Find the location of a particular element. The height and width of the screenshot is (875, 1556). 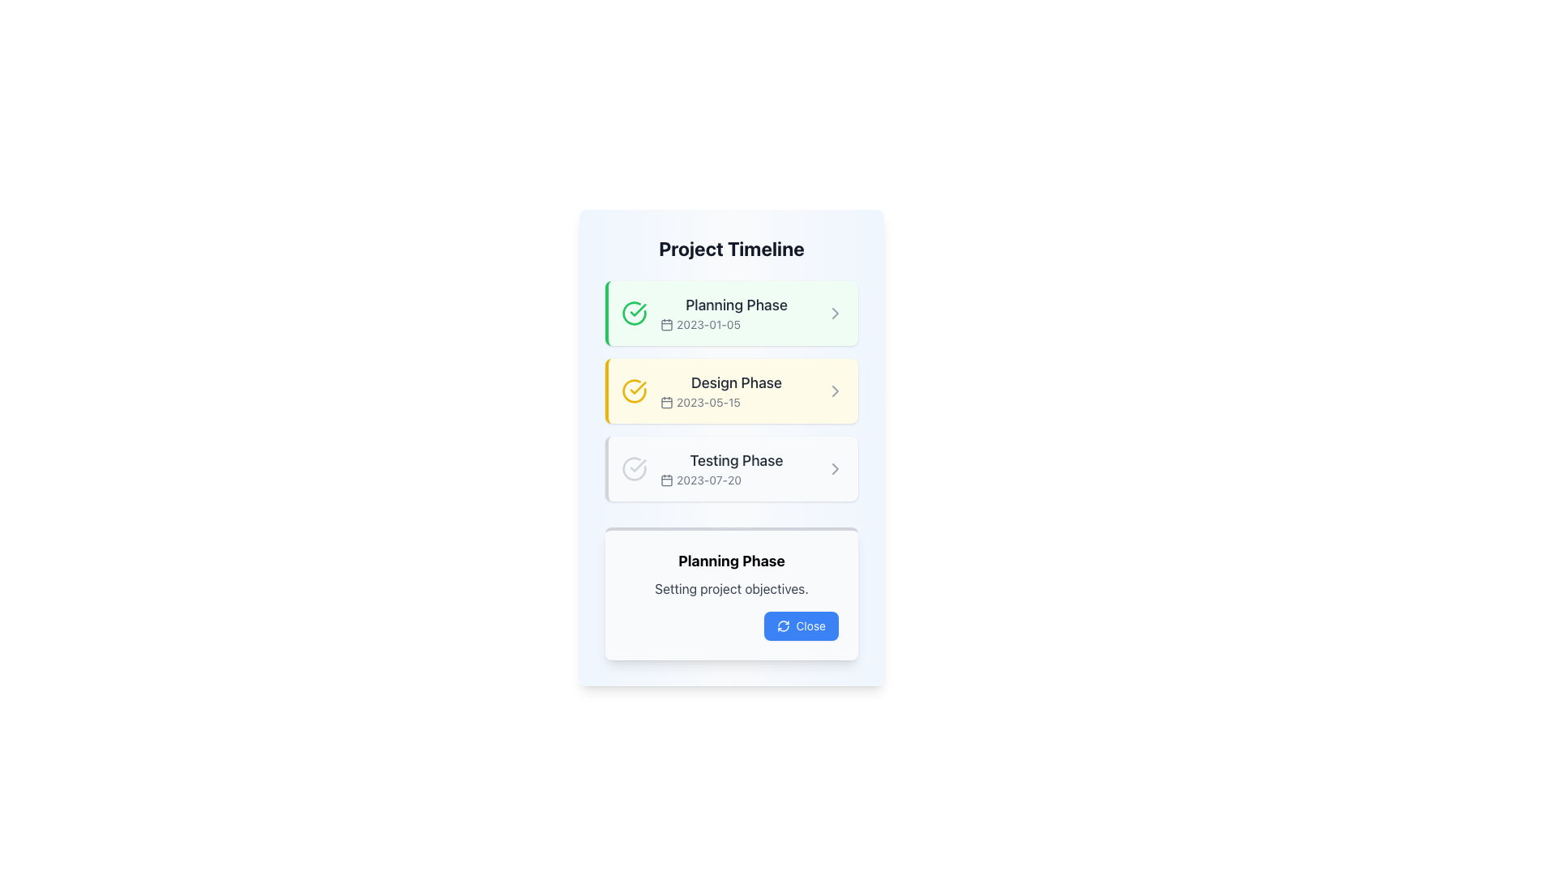

the circular icon with a thick border and a checkmark symbol, which is located adjacent to the 'Testing Phase' label in the timeline area is located at coordinates (633, 468).